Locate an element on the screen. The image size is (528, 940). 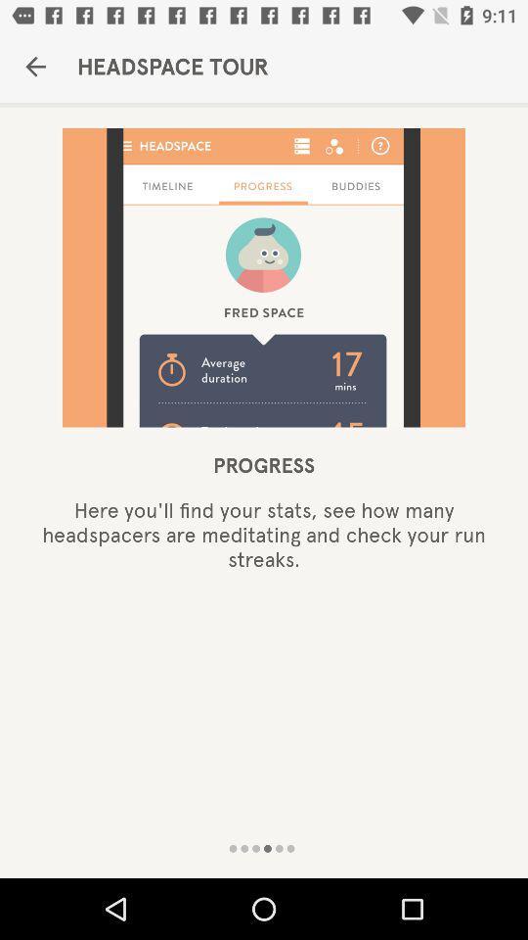
the icon to the left of headspace tour item is located at coordinates (35, 67).